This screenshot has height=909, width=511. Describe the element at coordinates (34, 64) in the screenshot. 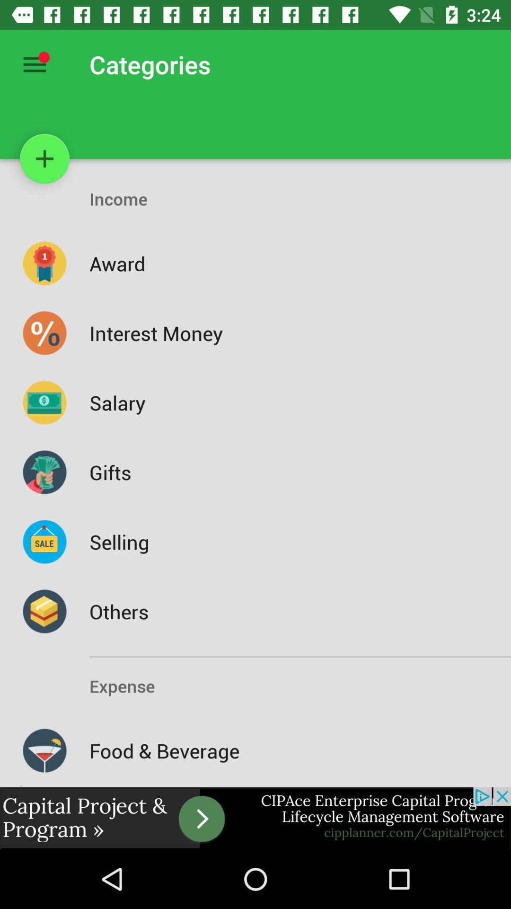

I see `all options` at that location.